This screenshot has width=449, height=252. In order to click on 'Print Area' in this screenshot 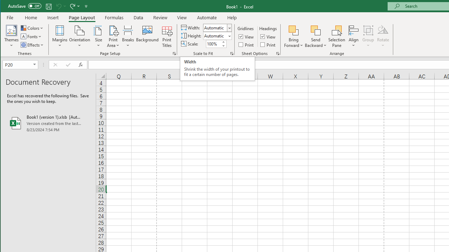, I will do `click(113, 36)`.